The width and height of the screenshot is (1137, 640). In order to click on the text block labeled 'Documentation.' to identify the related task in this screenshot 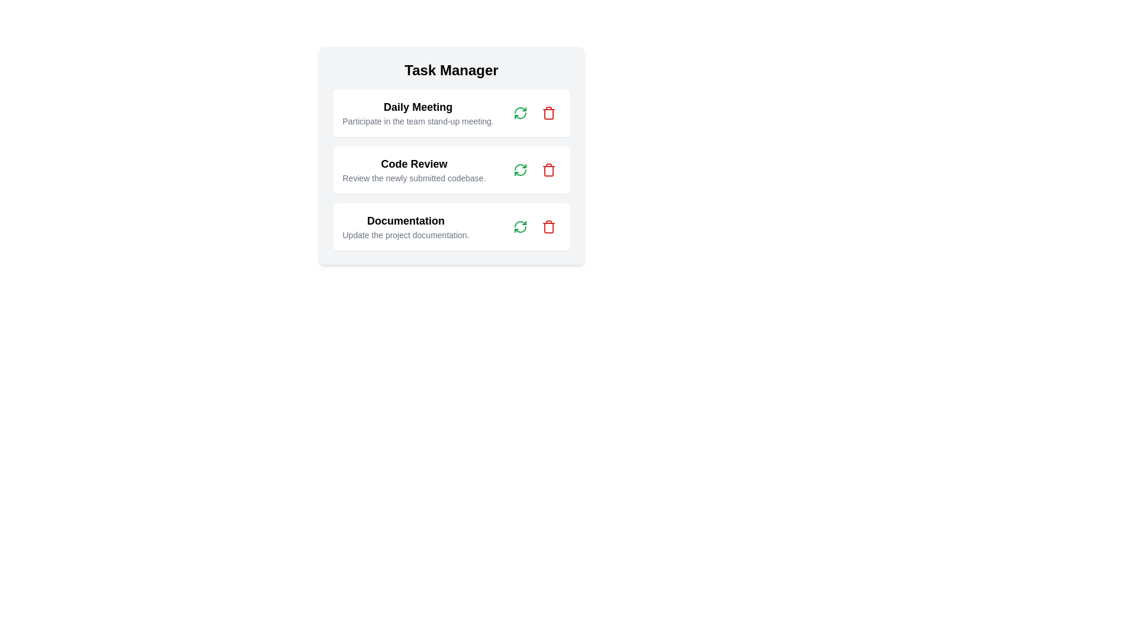, I will do `click(406, 226)`.